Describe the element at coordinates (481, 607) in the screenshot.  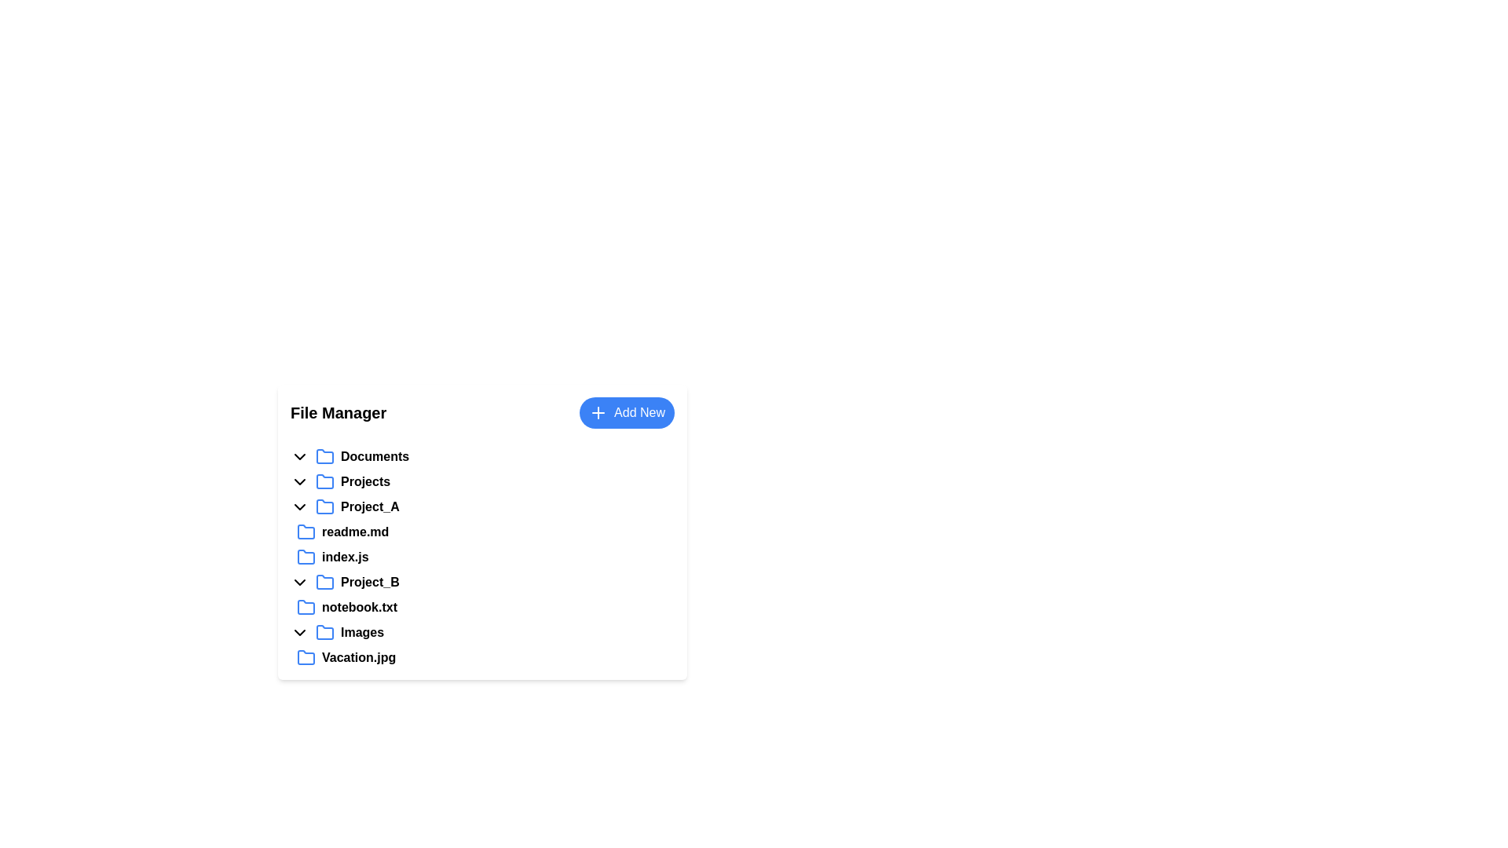
I see `the 'notebook.txt' file item located under the 'Project_B' folder in the file explorer` at that location.